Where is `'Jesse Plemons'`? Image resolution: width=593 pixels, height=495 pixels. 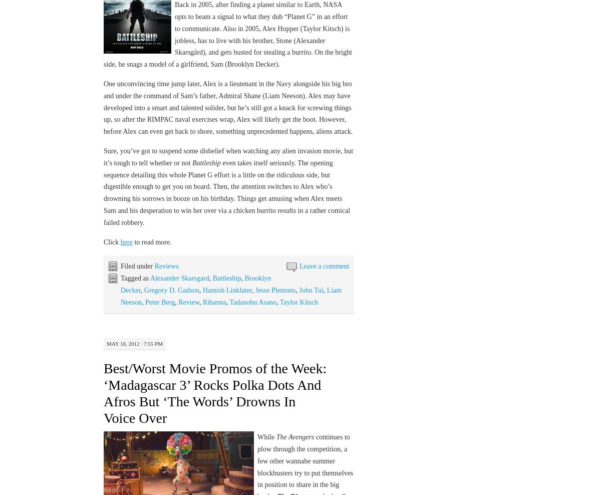
'Jesse Plemons' is located at coordinates (254, 290).